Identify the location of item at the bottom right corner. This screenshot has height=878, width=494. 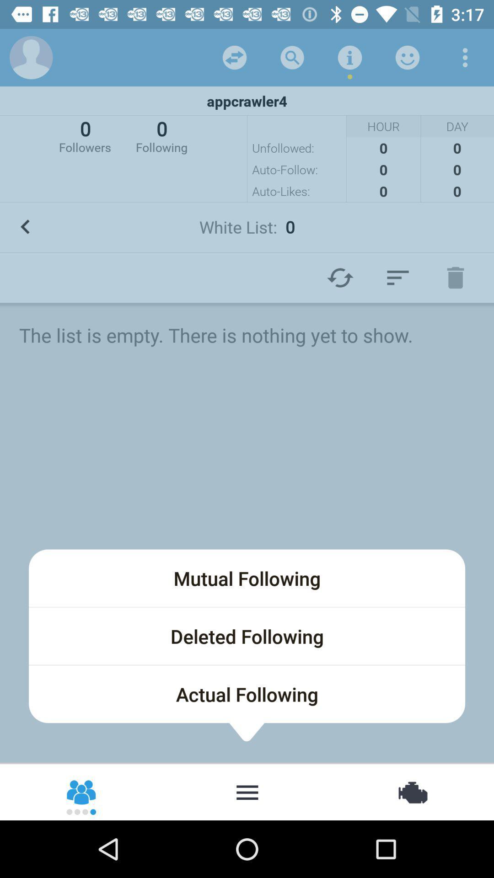
(412, 791).